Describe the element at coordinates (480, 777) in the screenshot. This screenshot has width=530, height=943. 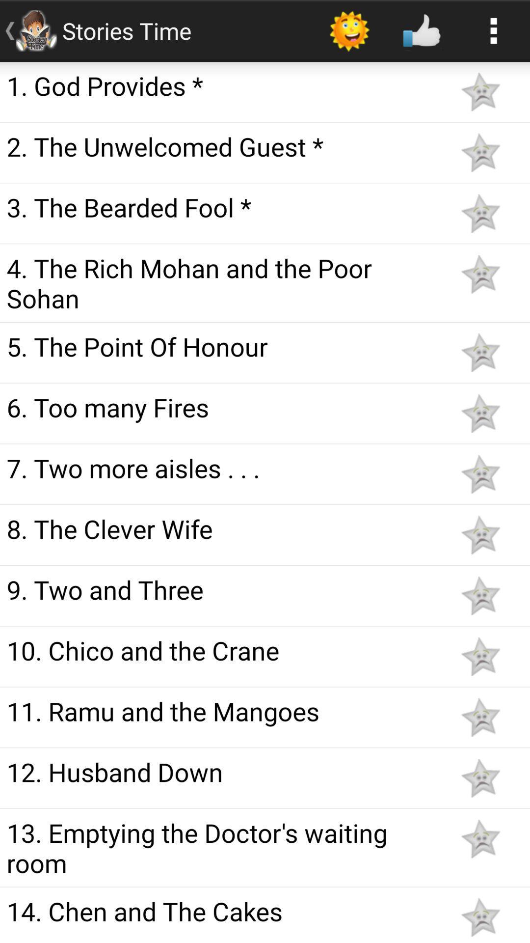
I see `stare favorite` at that location.